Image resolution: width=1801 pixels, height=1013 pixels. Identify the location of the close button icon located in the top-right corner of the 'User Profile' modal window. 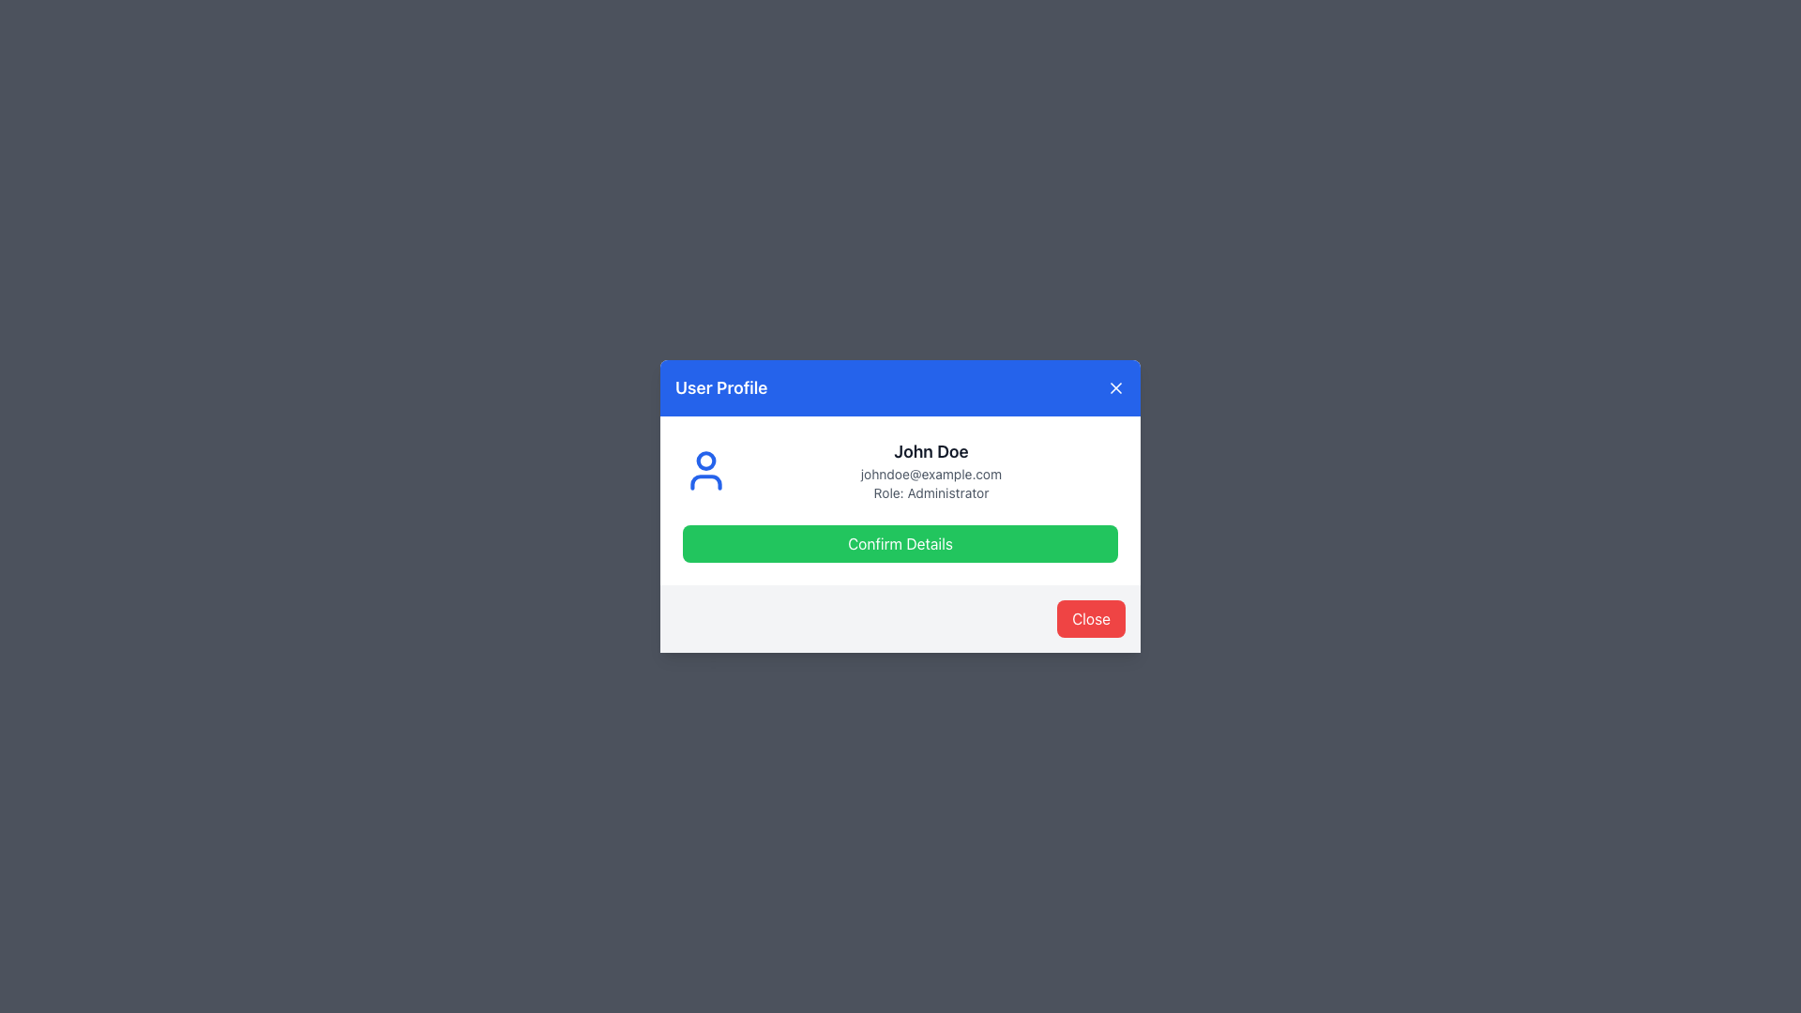
(1116, 386).